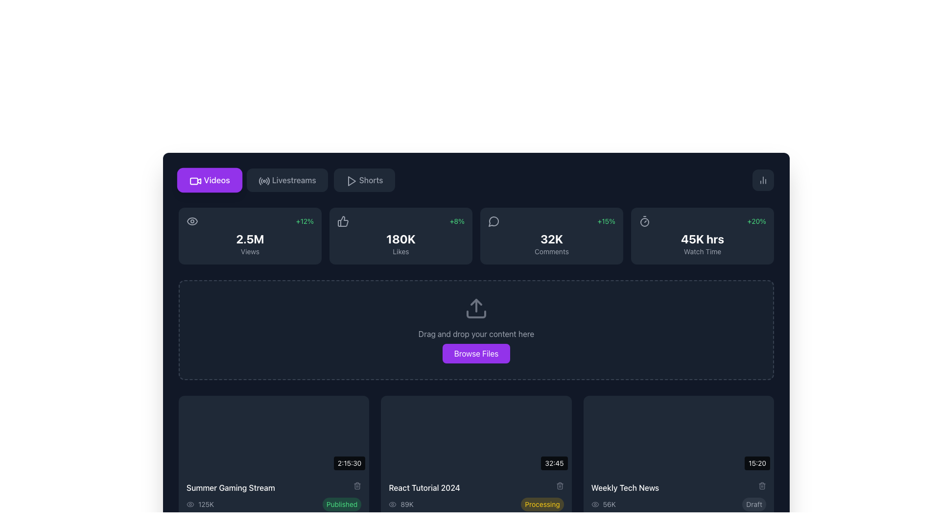 The image size is (940, 529). I want to click on the informational card displaying statistics about comments, which shows a total of 32K comments and a growth rate of +15%. It is the third section in a grid layout below the 'Videos' tab, so click(552, 236).